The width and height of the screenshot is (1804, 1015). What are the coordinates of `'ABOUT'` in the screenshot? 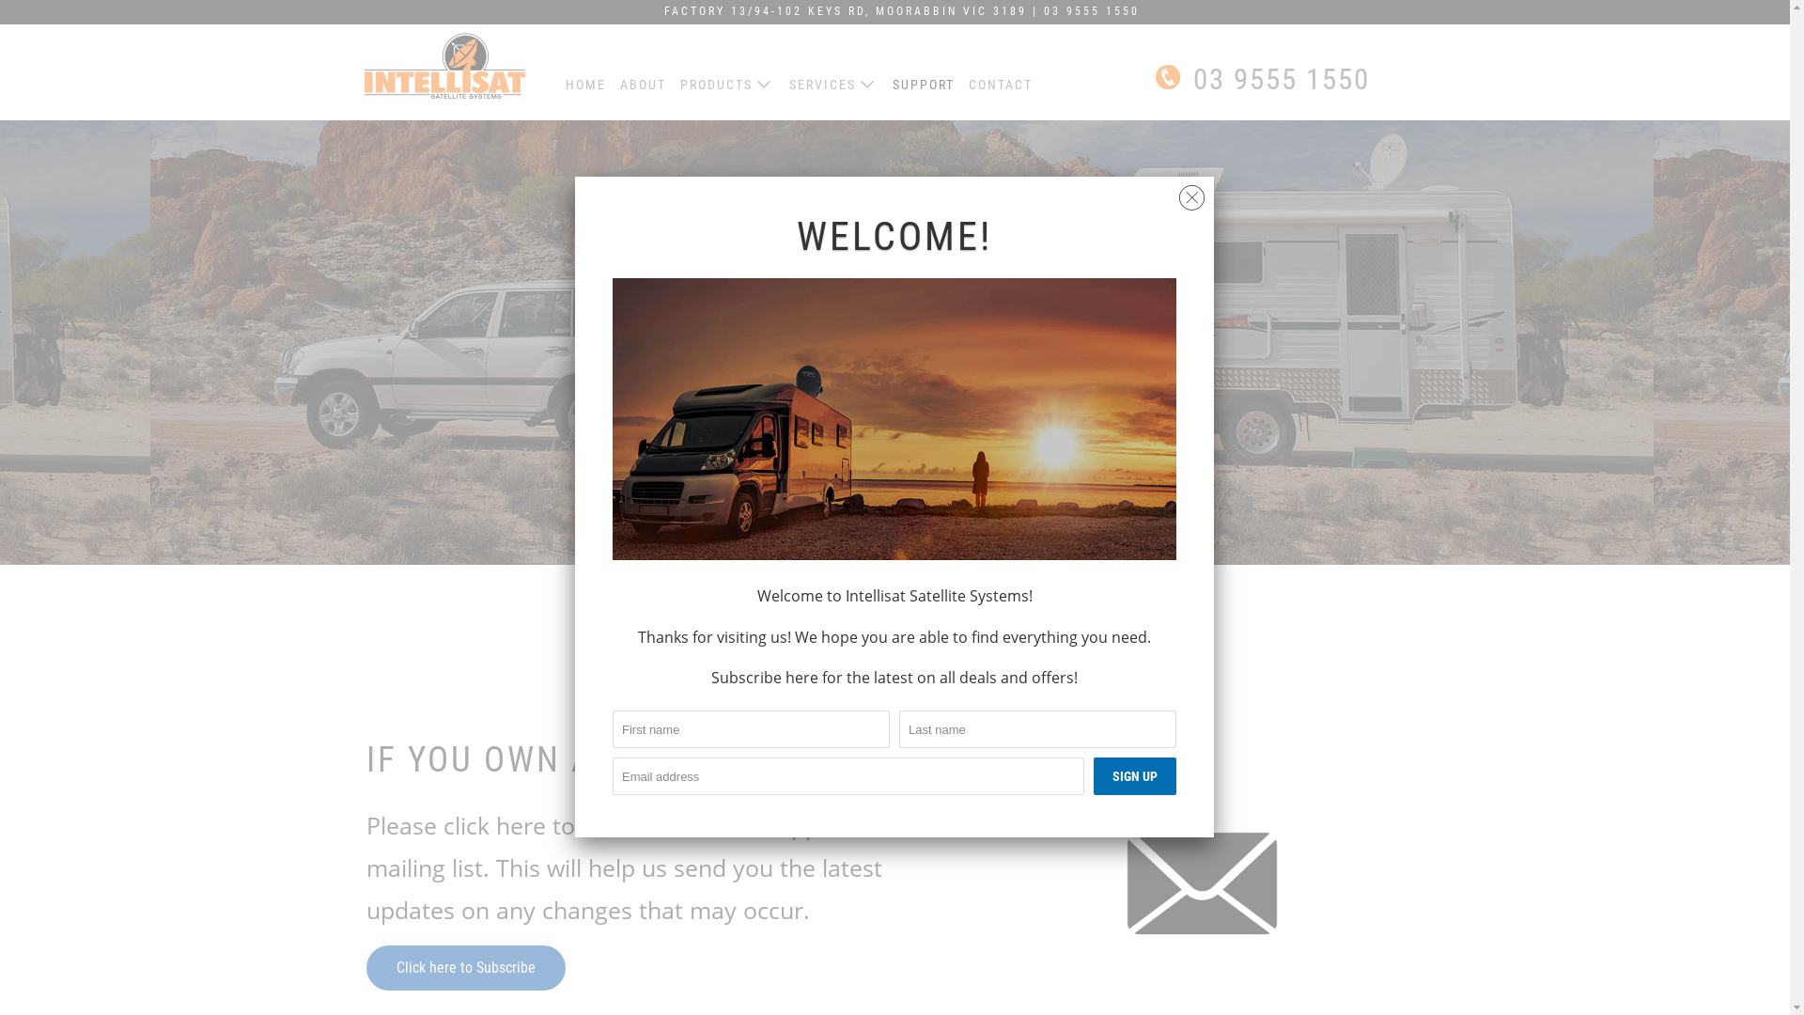 It's located at (643, 82).